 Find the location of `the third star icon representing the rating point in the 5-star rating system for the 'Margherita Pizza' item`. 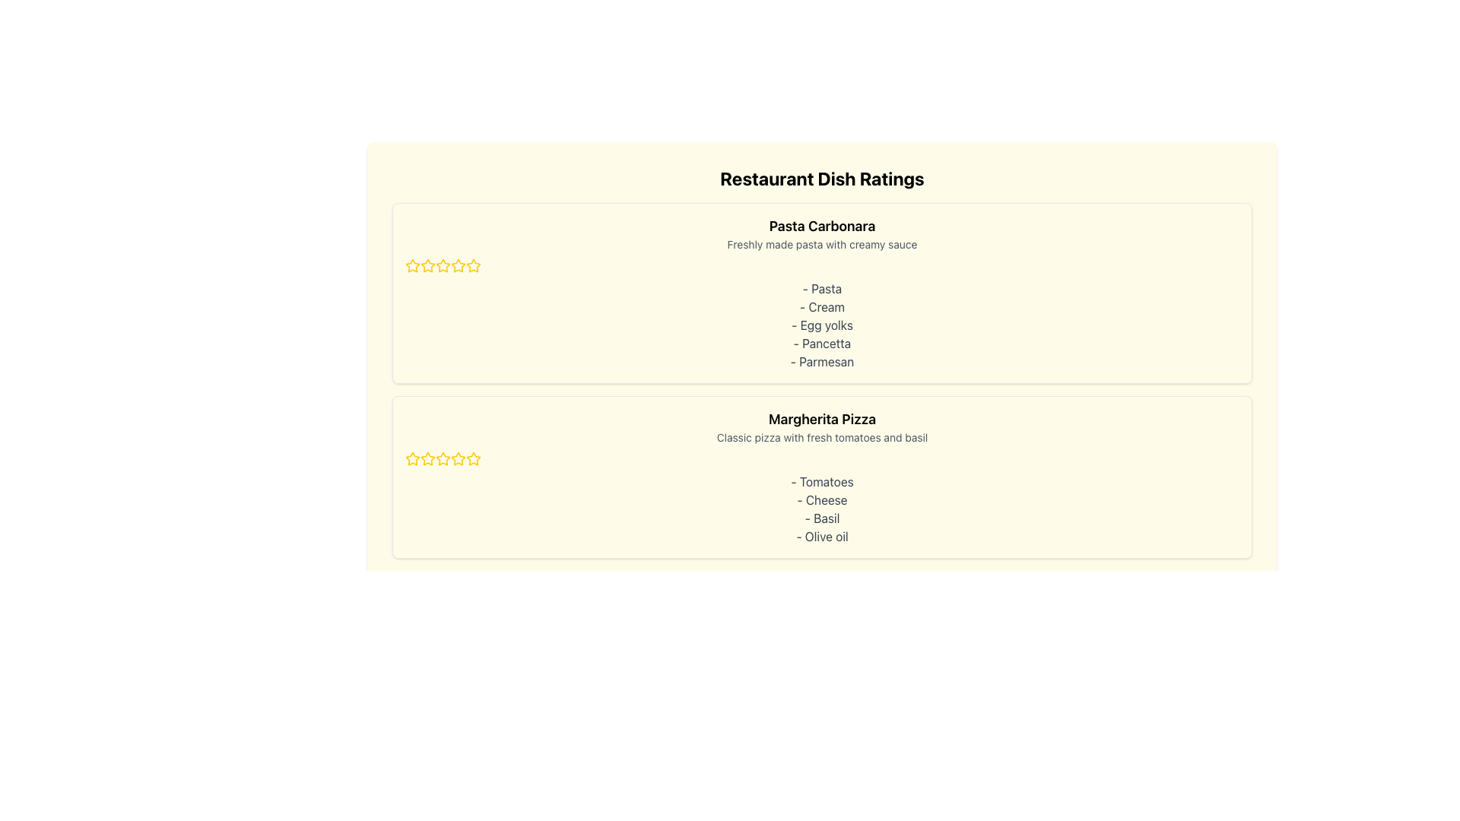

the third star icon representing the rating point in the 5-star rating system for the 'Margherita Pizza' item is located at coordinates (473, 458).